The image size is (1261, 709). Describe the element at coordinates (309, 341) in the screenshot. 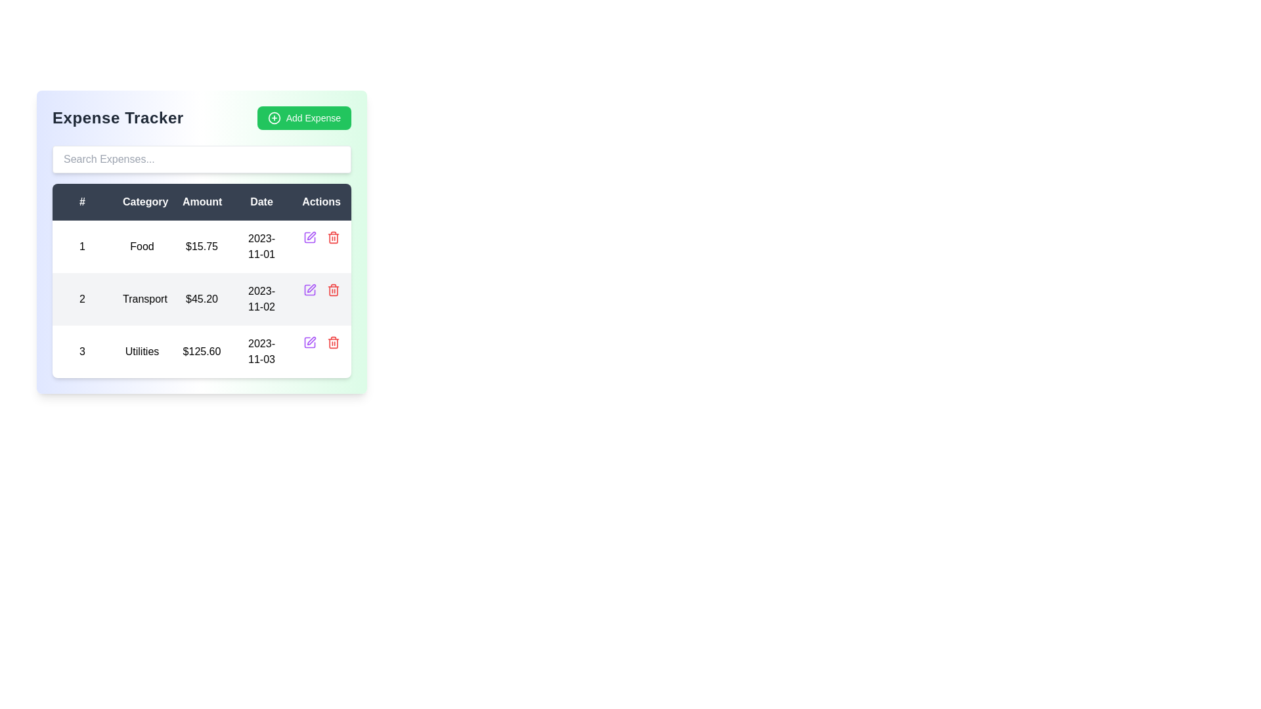

I see `the Interactive action icon (edit icon) located in the 'Actions' column of the second row of the table to observe the hover effect` at that location.